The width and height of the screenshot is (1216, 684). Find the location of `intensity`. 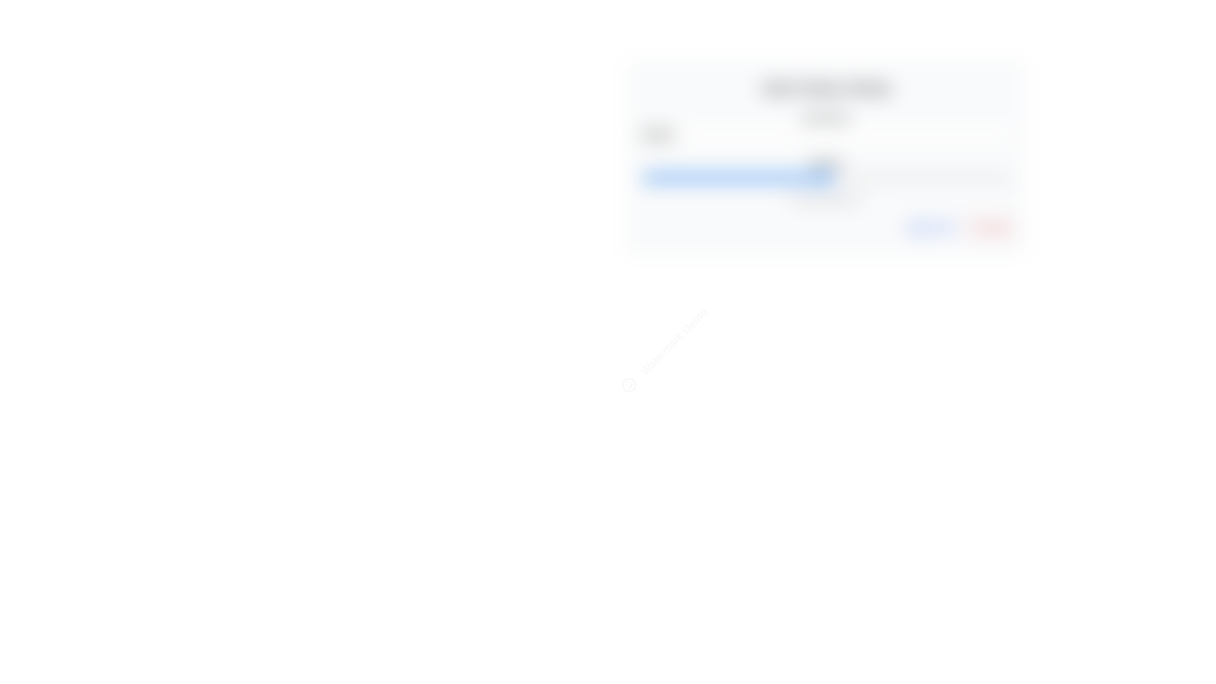

intensity is located at coordinates (826, 178).